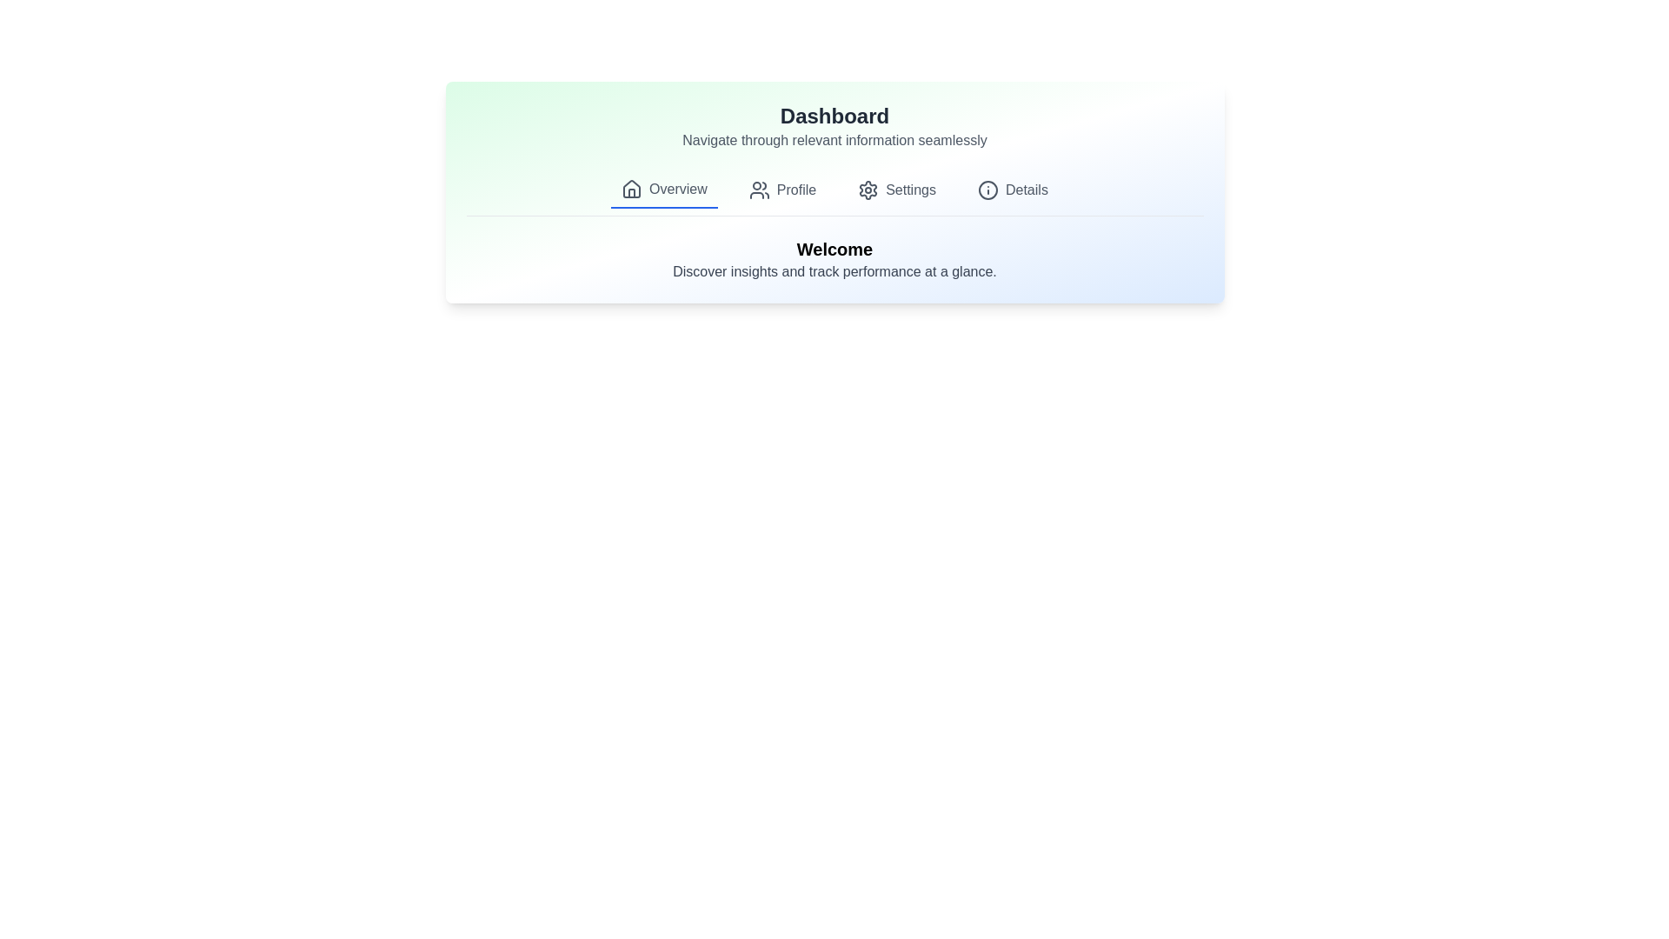  What do you see at coordinates (834, 194) in the screenshot?
I see `the 'Profile' button on the Navigation Bar` at bounding box center [834, 194].